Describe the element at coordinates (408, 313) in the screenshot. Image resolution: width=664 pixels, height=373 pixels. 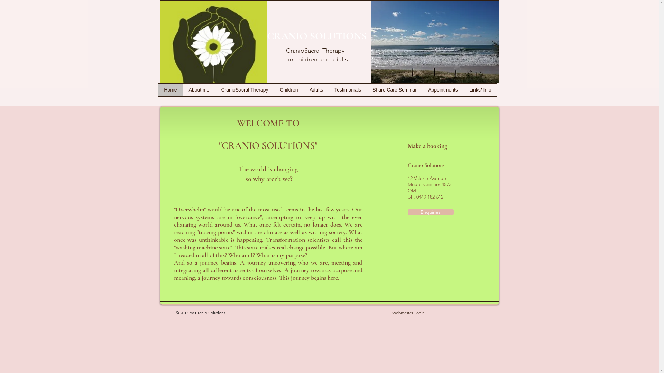
I see `'Webmaster Login'` at that location.